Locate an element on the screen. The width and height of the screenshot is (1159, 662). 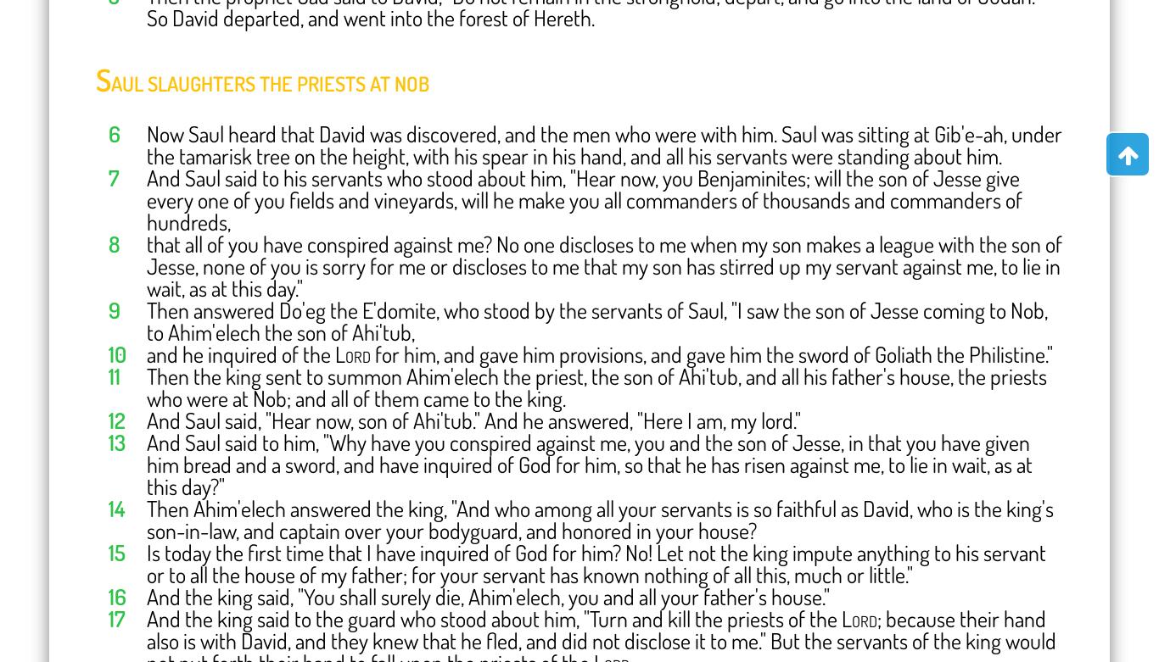
'16' is located at coordinates (116, 594).